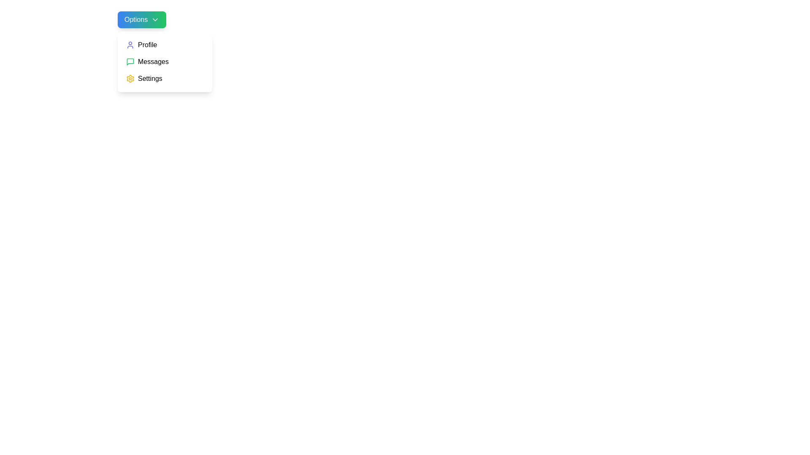  I want to click on the menu item Profile to preview its action, so click(165, 45).